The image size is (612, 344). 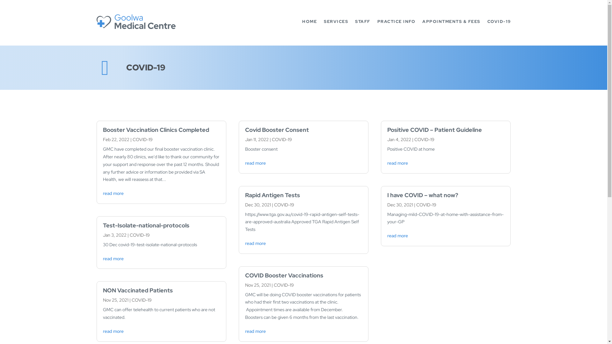 I want to click on 'SERVICES', so click(x=336, y=21).